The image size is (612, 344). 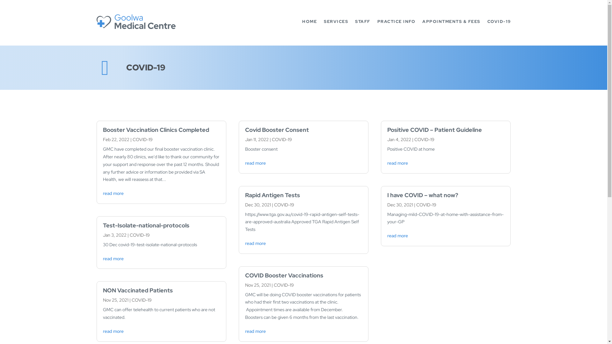 I want to click on 'SERVICES', so click(x=336, y=21).